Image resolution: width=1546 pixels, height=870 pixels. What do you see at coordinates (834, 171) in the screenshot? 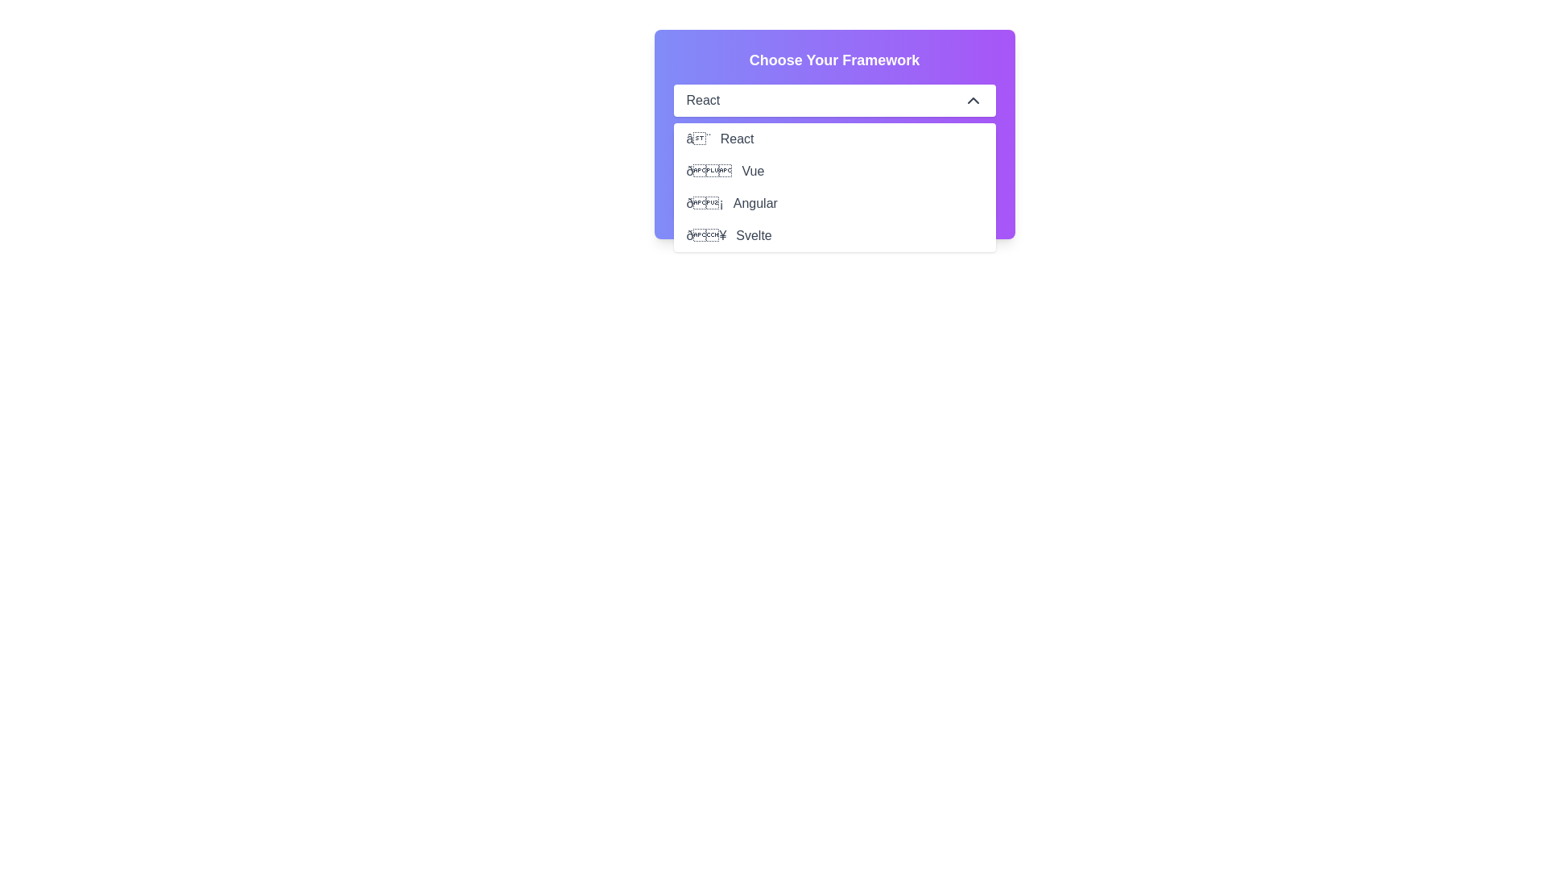
I see `the second item in the dropdown menu` at bounding box center [834, 171].